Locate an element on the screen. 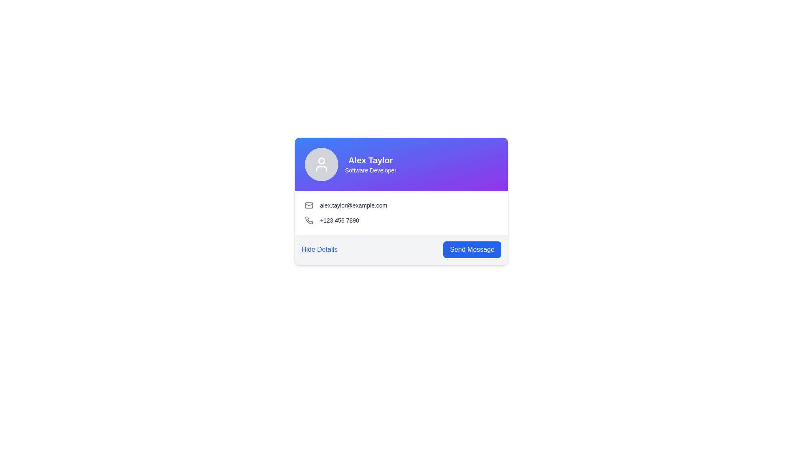  the Text Display Element that displays 'Alex Taylor' in bold and larger font, located at the top-left of the information card with a purple gradient background is located at coordinates (370, 160).